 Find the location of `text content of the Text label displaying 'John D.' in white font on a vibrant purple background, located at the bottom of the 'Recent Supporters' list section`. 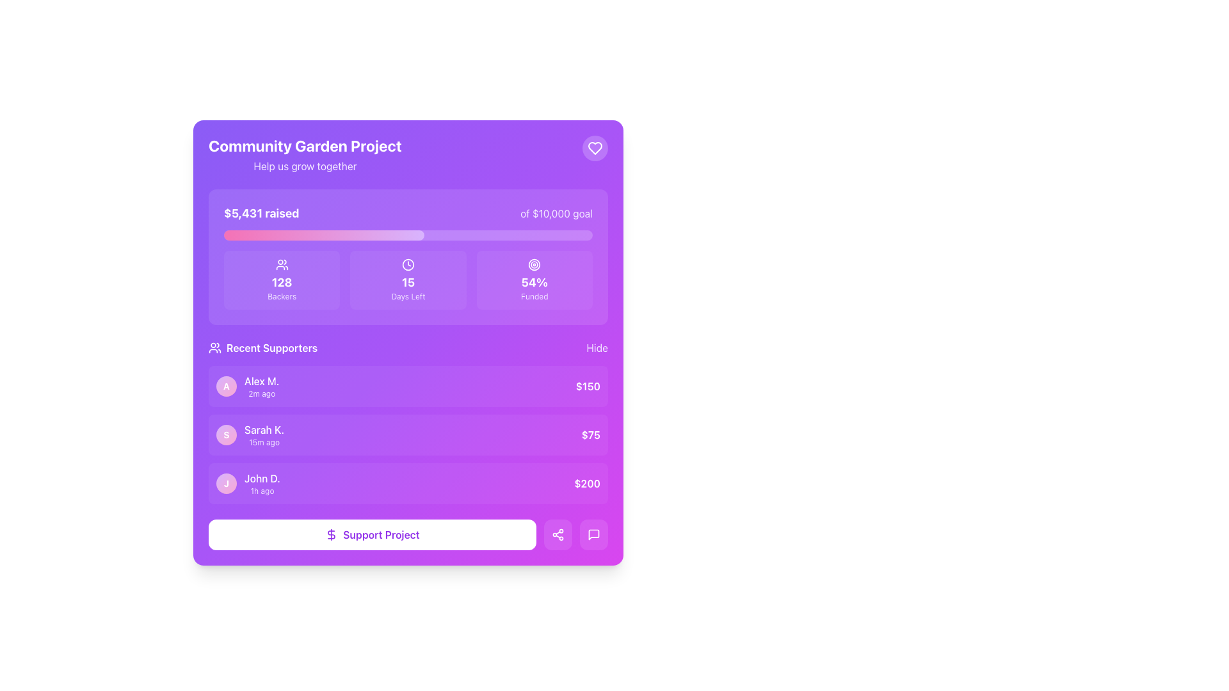

text content of the Text label displaying 'John D.' in white font on a vibrant purple background, located at the bottom of the 'Recent Supporters' list section is located at coordinates (261, 479).